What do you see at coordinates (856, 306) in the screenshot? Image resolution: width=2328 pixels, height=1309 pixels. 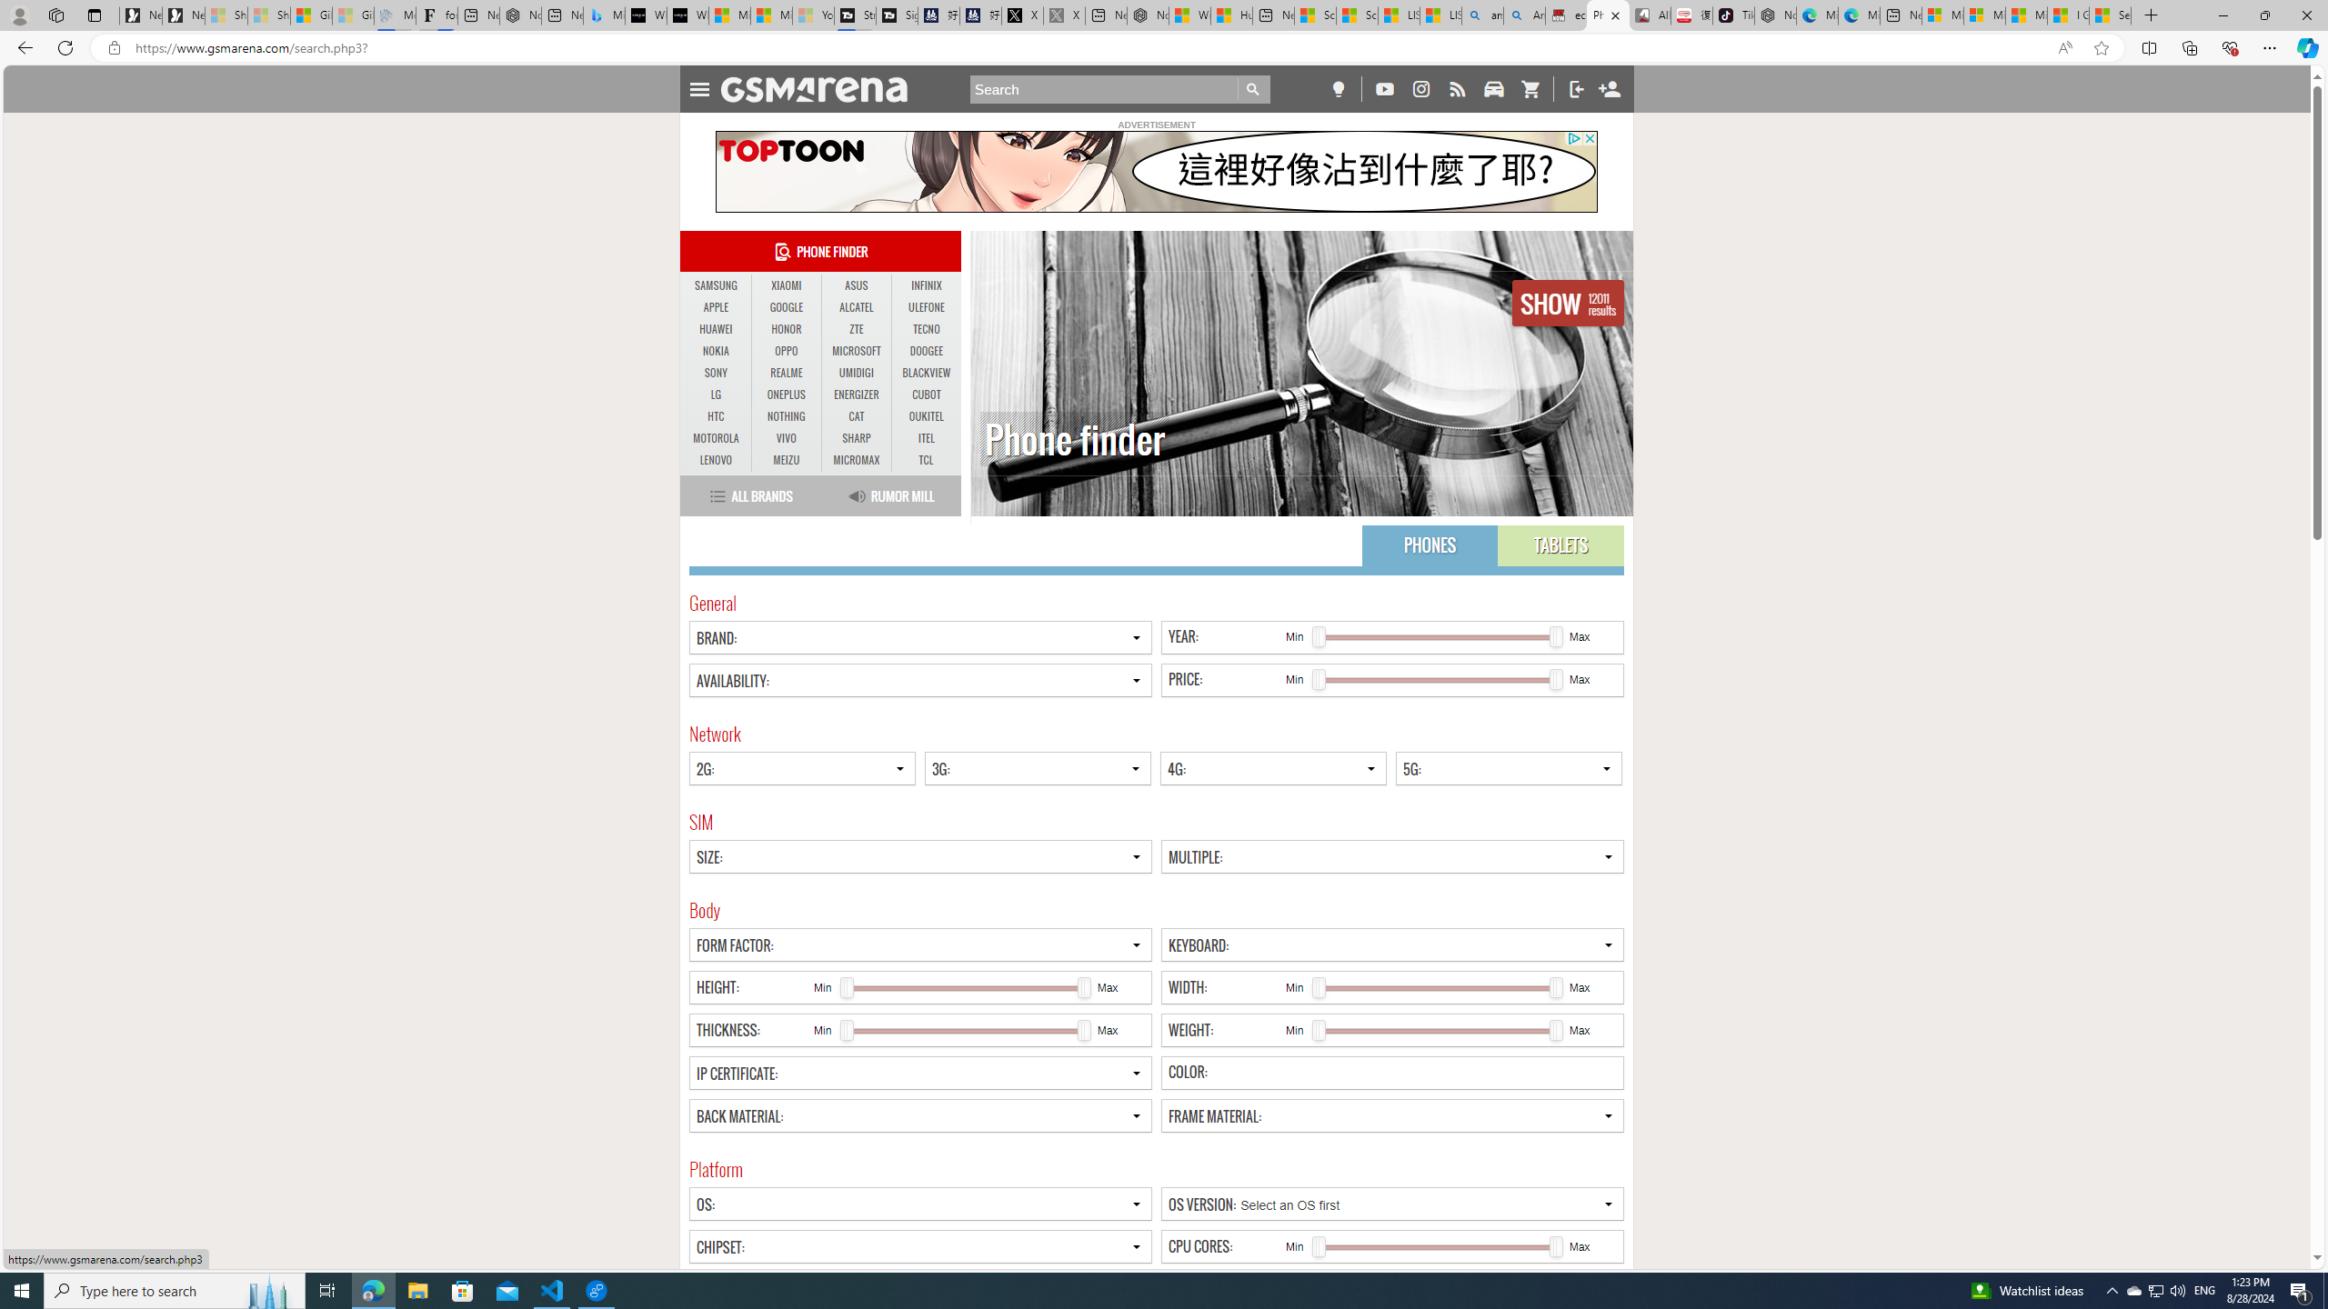 I see `'ALCATEL'` at bounding box center [856, 306].